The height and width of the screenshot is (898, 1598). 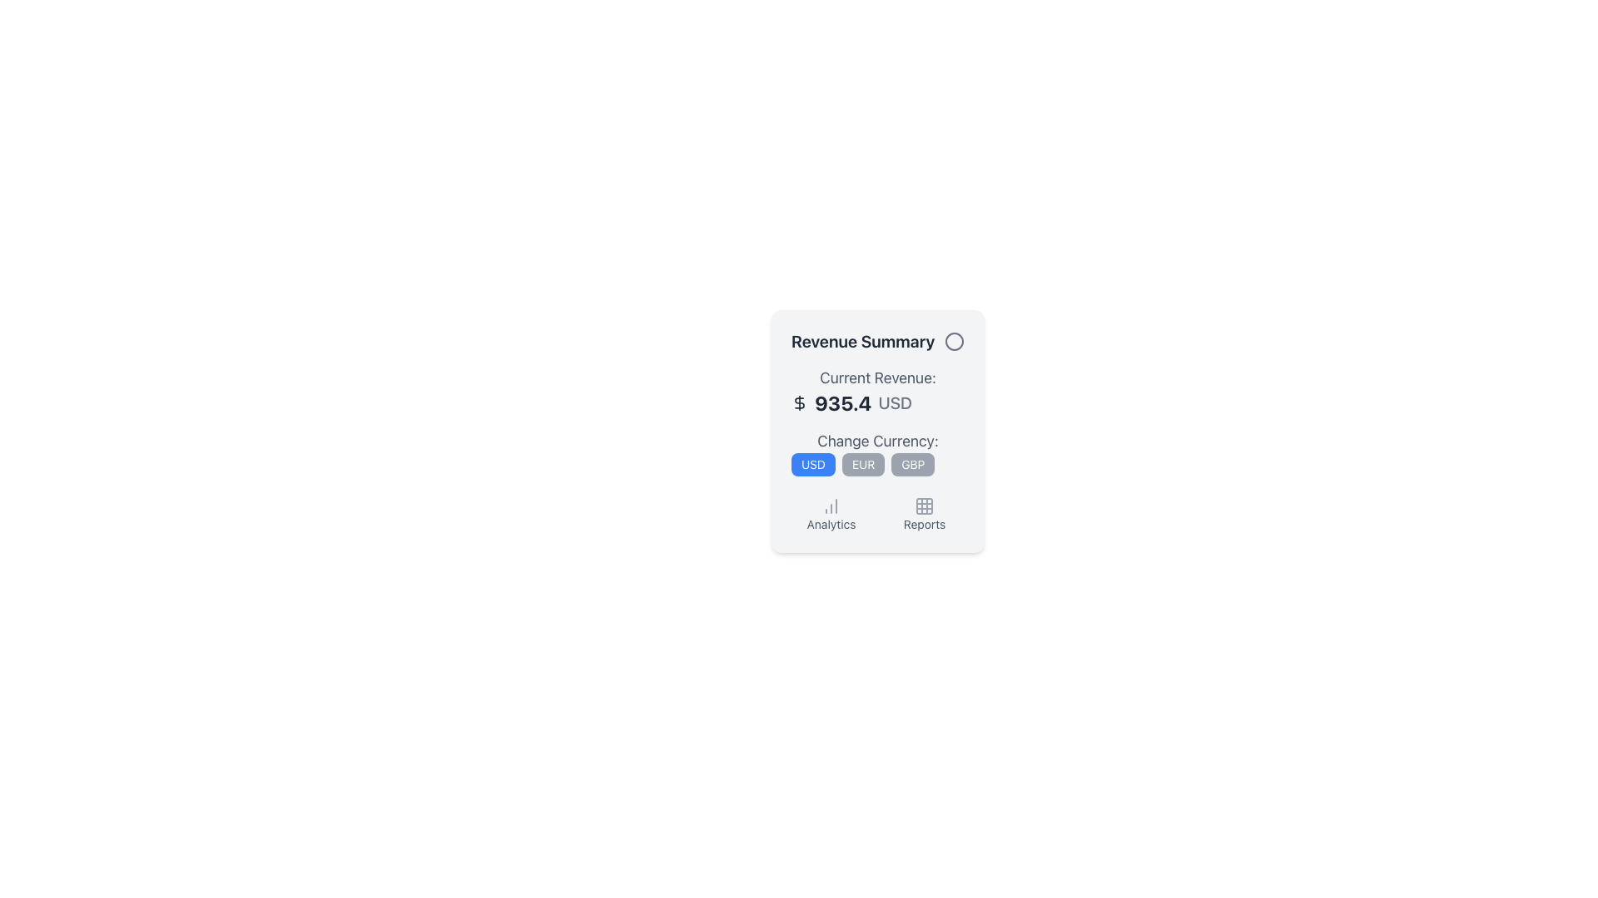 What do you see at coordinates (831, 513) in the screenshot?
I see `the Interactive button with icon and label located in the left slot of a two-column layout` at bounding box center [831, 513].